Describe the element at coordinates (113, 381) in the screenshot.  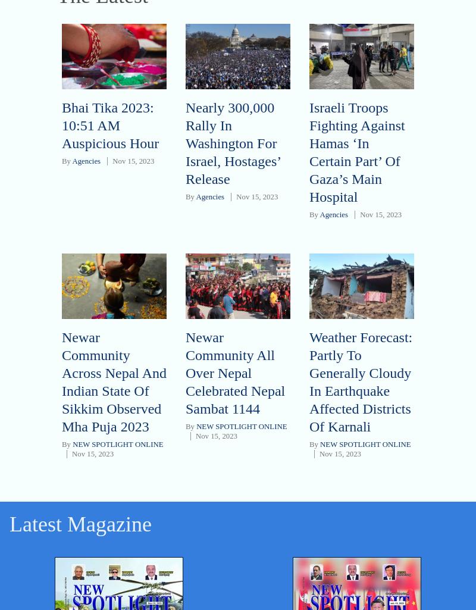
I see `'Newar Community Across Nepal And Indian State Of Sikkim Observed Mha Puja 2023'` at that location.